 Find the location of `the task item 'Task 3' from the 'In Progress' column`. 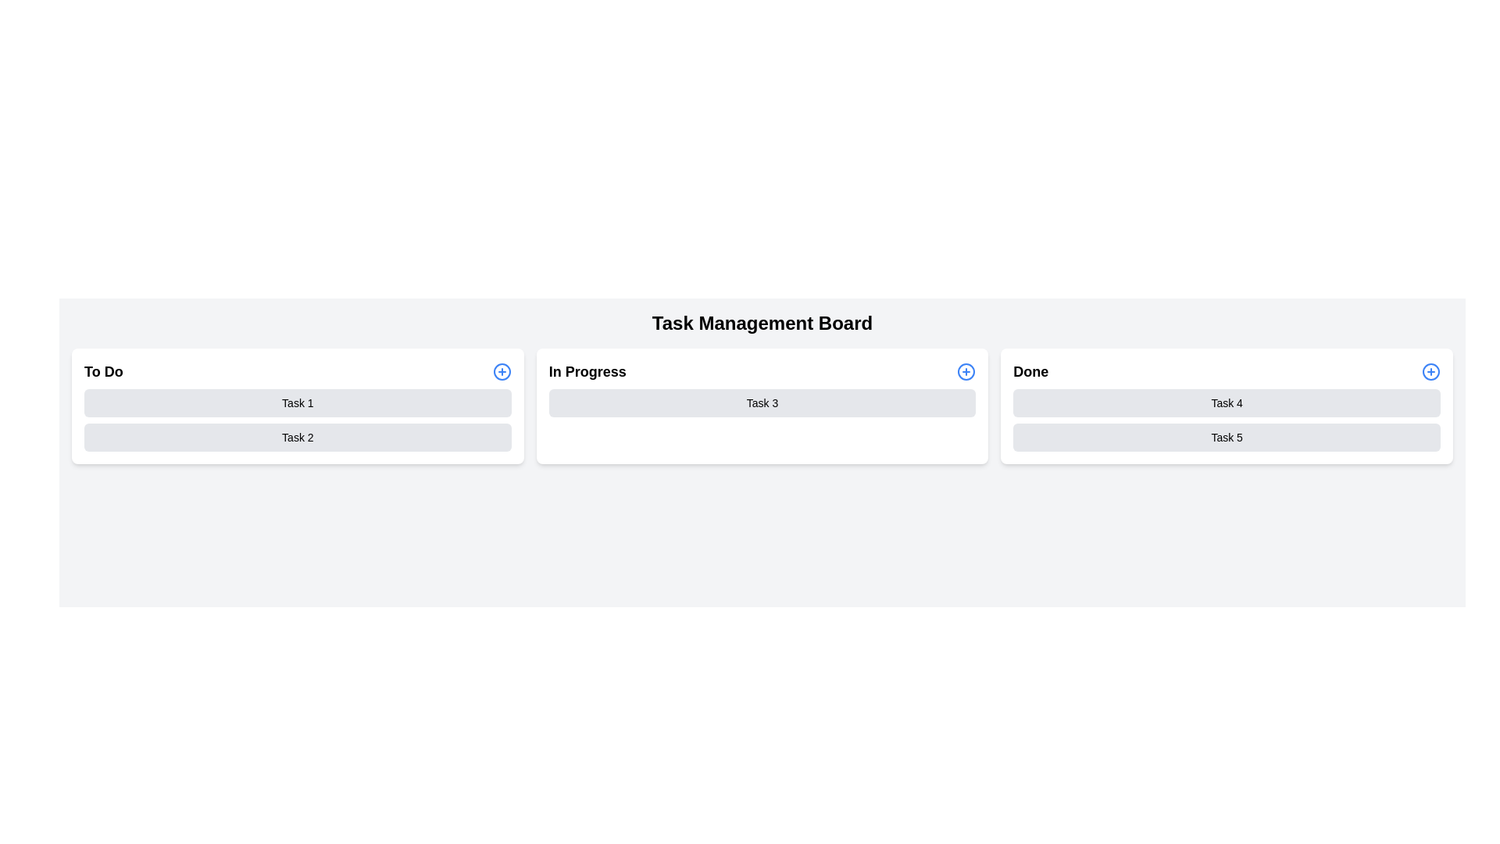

the task item 'Task 3' from the 'In Progress' column is located at coordinates (762, 406).